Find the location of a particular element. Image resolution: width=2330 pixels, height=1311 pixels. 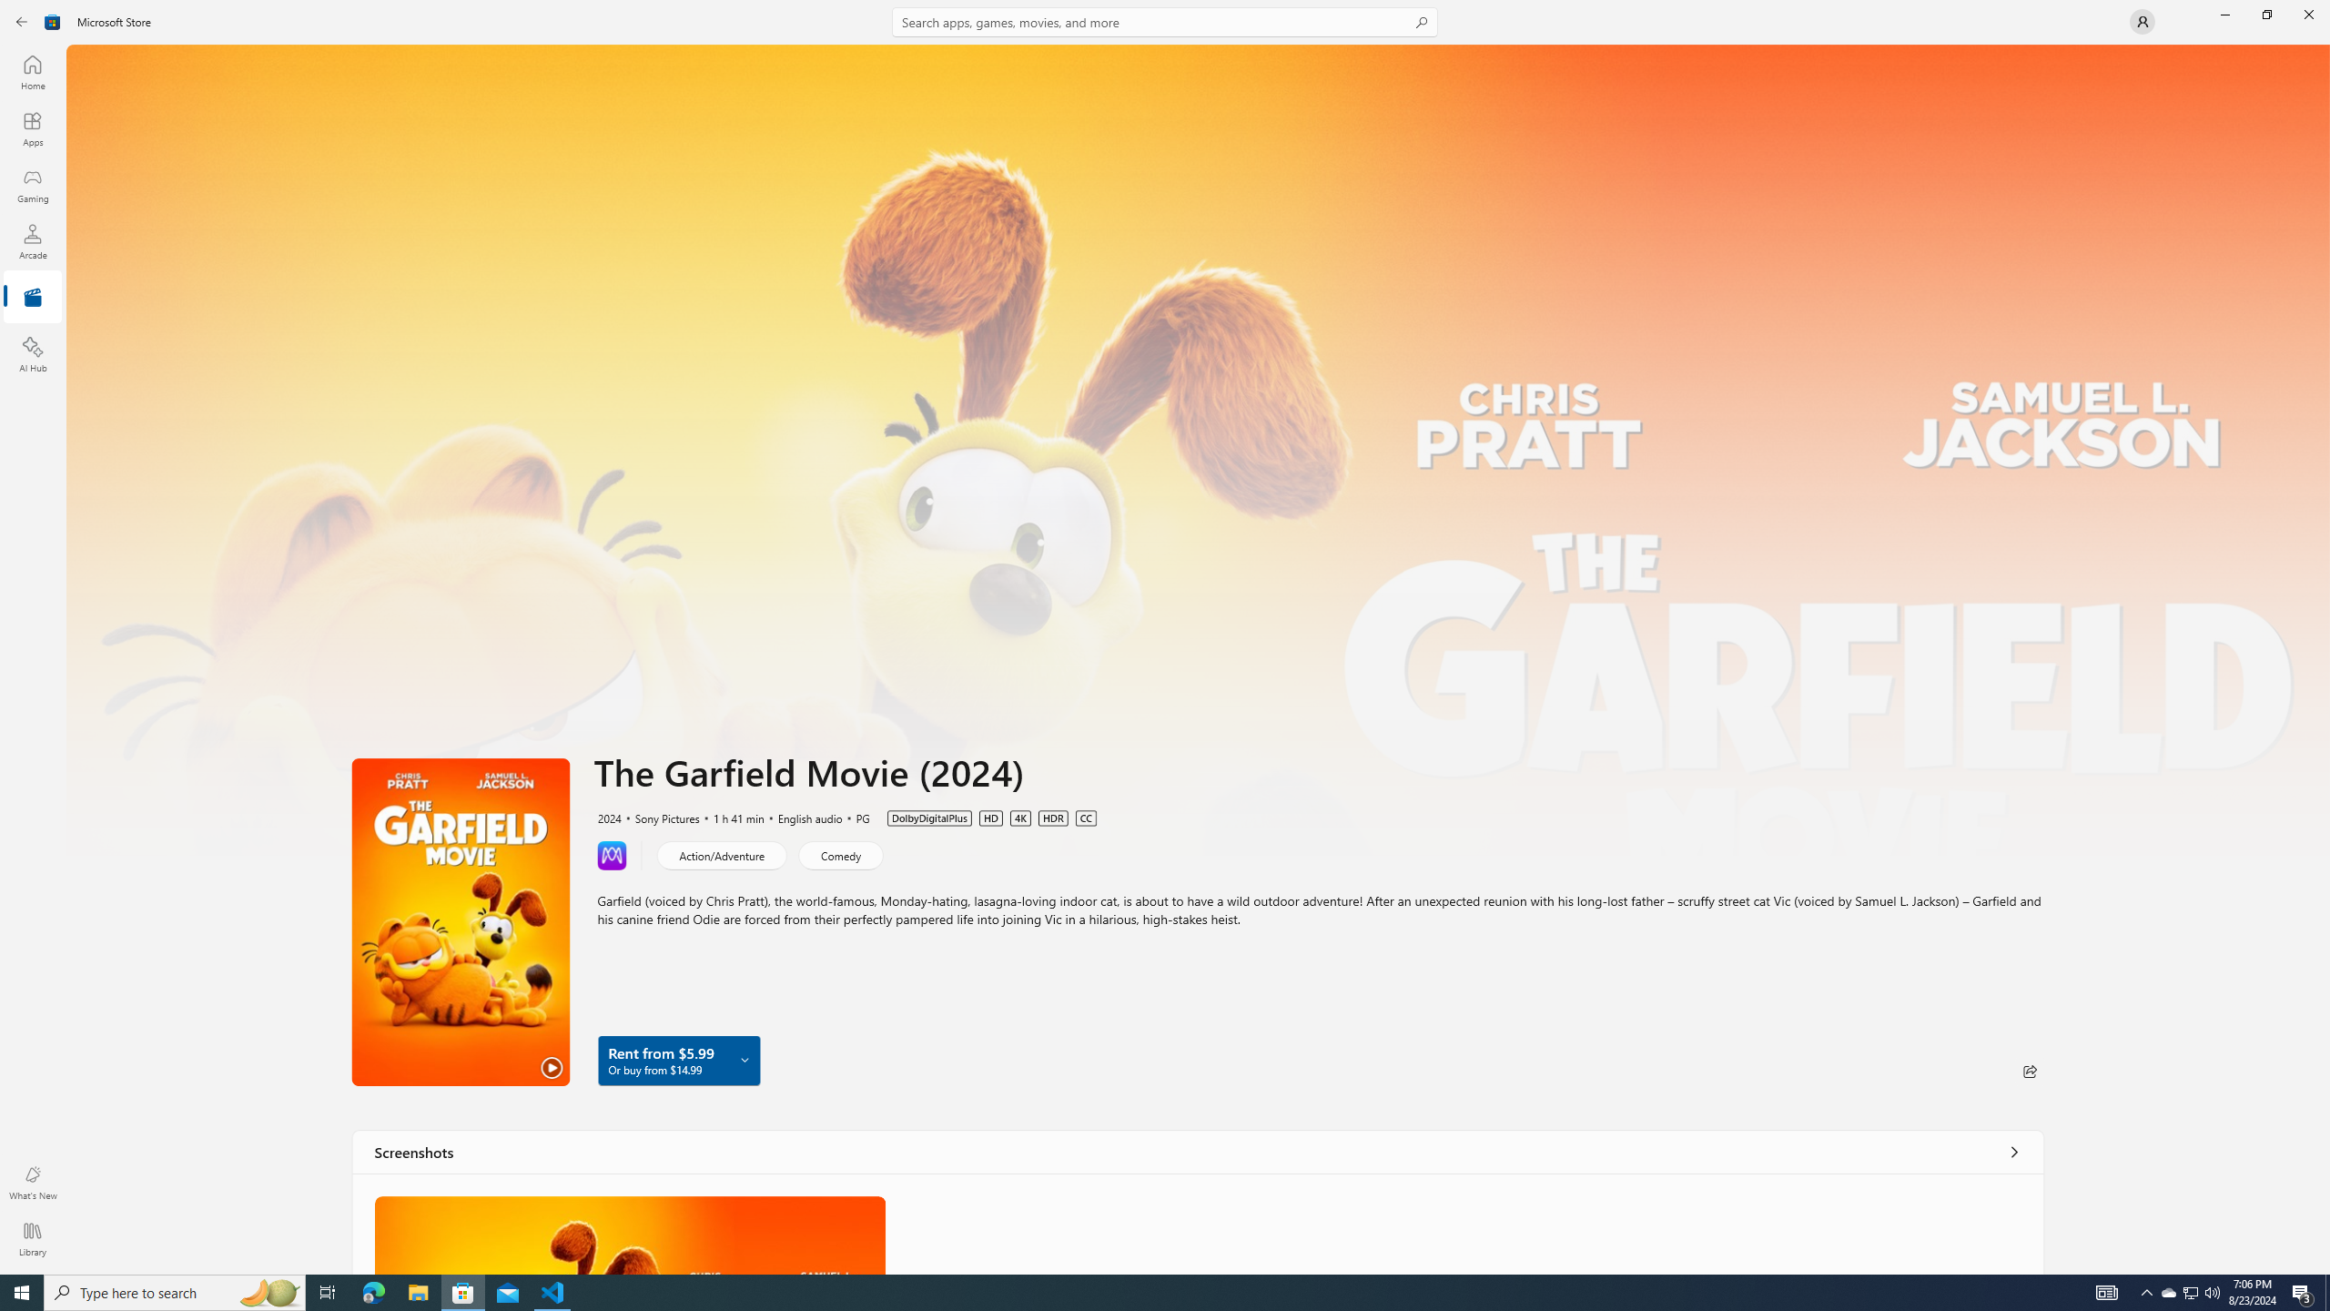

'What' is located at coordinates (31, 1182).